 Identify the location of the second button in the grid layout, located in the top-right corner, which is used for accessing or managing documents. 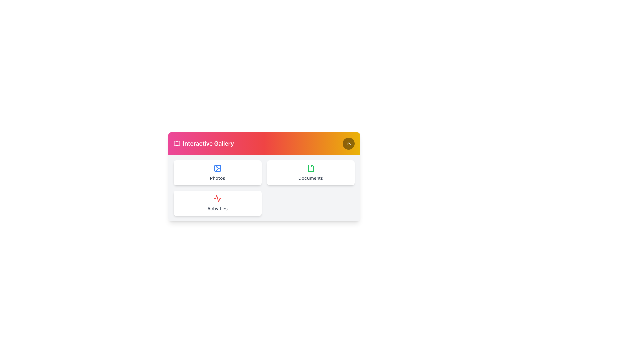
(310, 173).